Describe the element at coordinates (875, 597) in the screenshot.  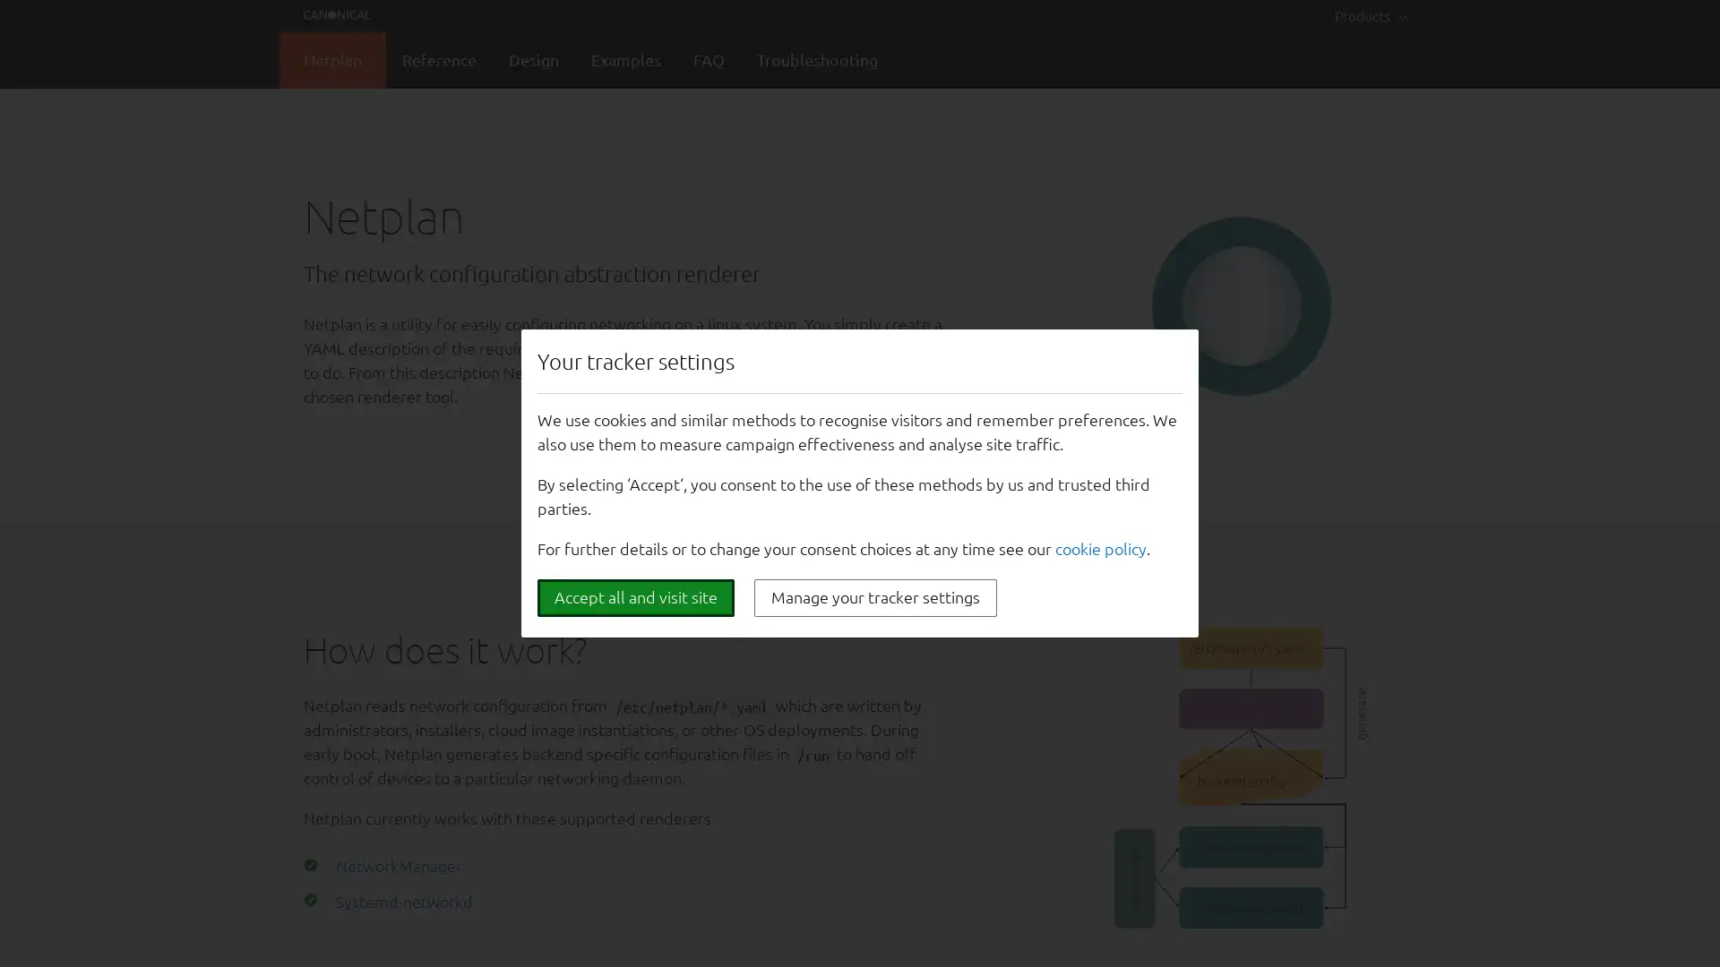
I see `Manage your tracker settings` at that location.